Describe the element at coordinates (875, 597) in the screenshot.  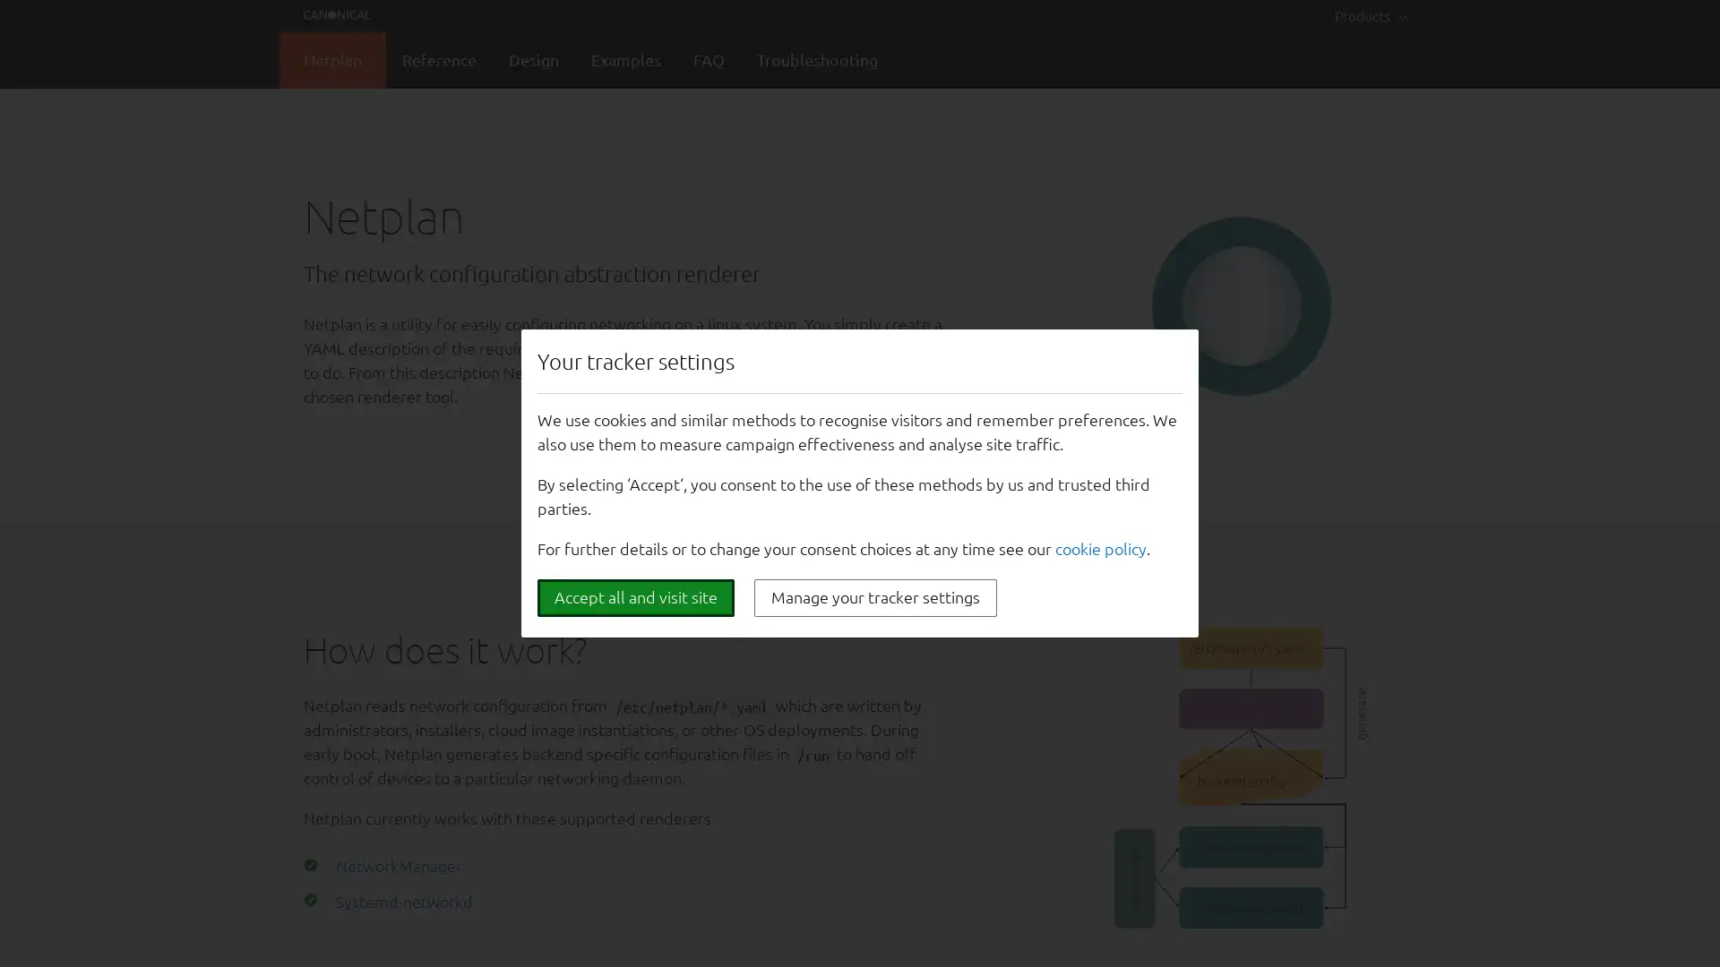
I see `Manage your tracker settings` at that location.